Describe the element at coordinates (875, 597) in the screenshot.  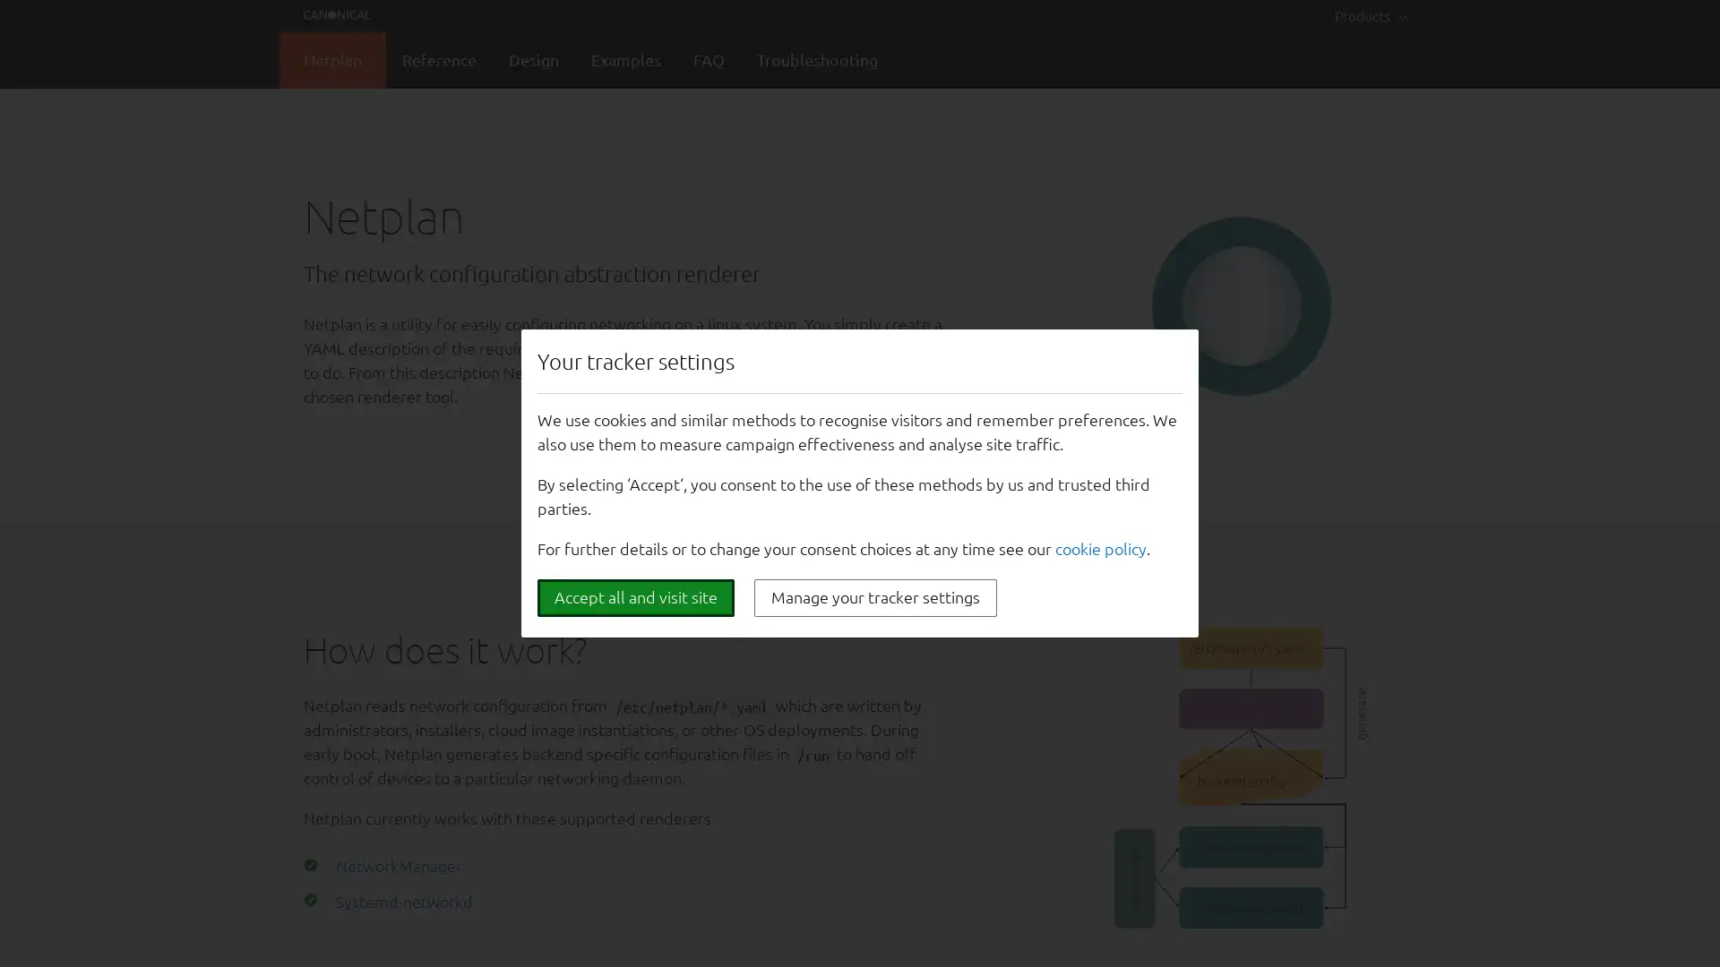
I see `Manage your tracker settings` at that location.